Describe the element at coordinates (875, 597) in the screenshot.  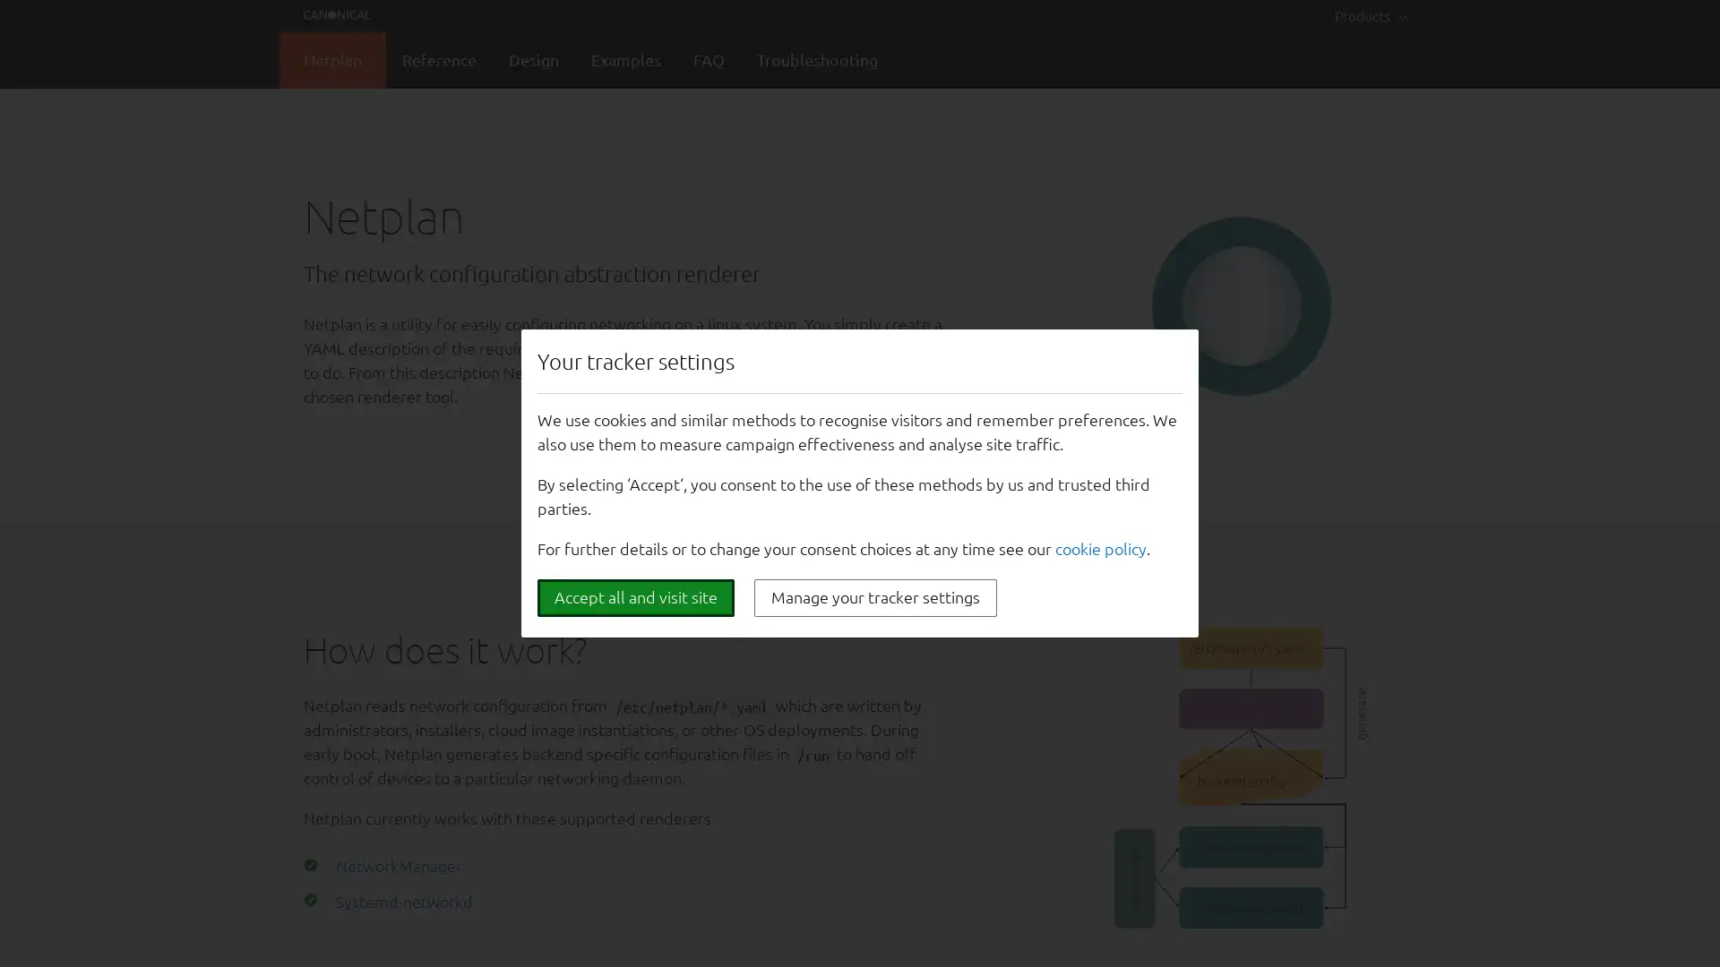
I see `Manage your tracker settings` at that location.